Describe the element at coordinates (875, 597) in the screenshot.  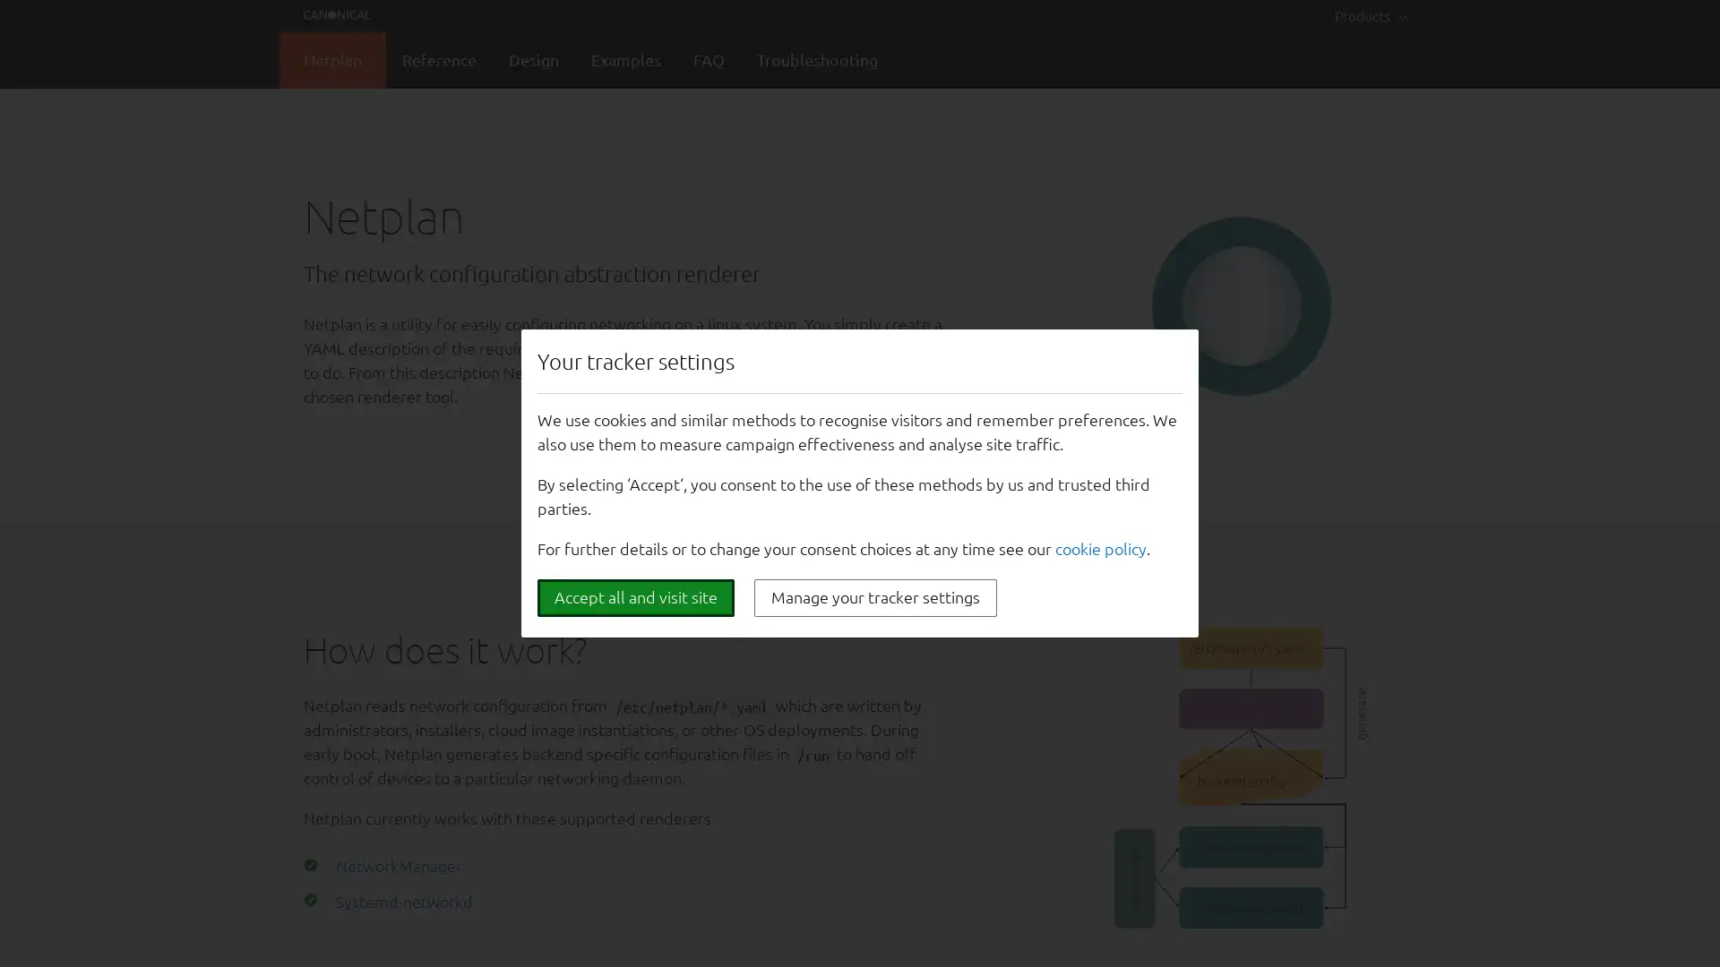
I see `Manage your tracker settings` at that location.